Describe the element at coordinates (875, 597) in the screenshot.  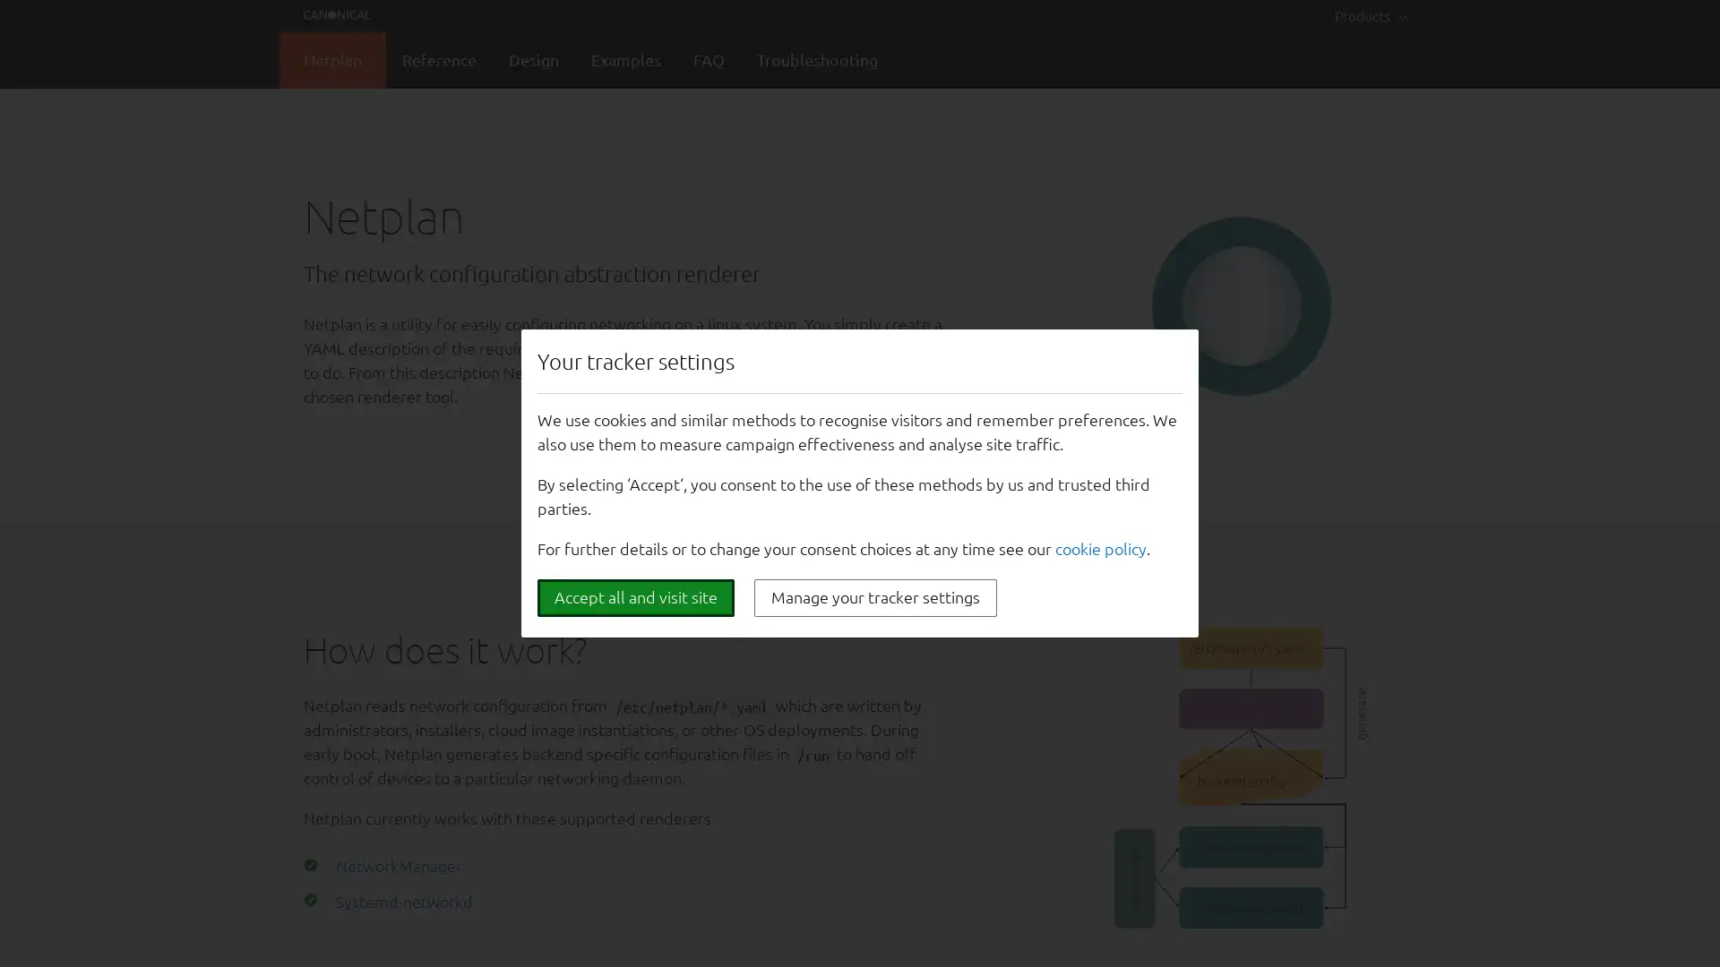
I see `Manage your tracker settings` at that location.